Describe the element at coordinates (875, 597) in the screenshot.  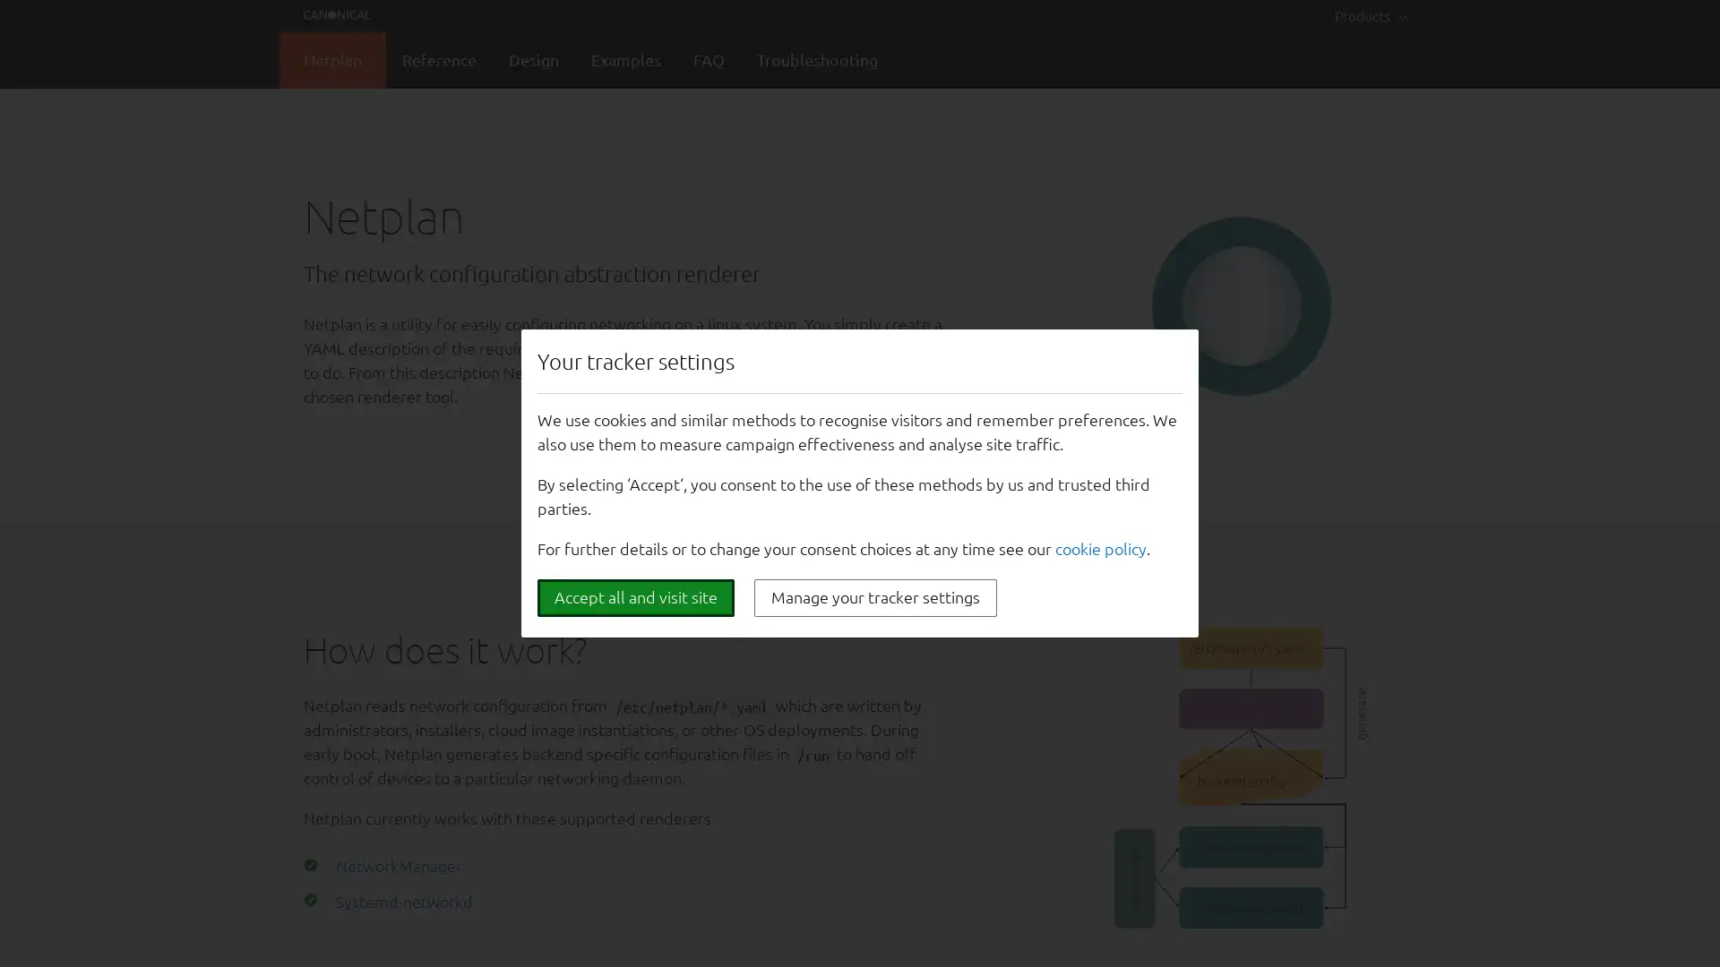
I see `Manage your tracker settings` at that location.